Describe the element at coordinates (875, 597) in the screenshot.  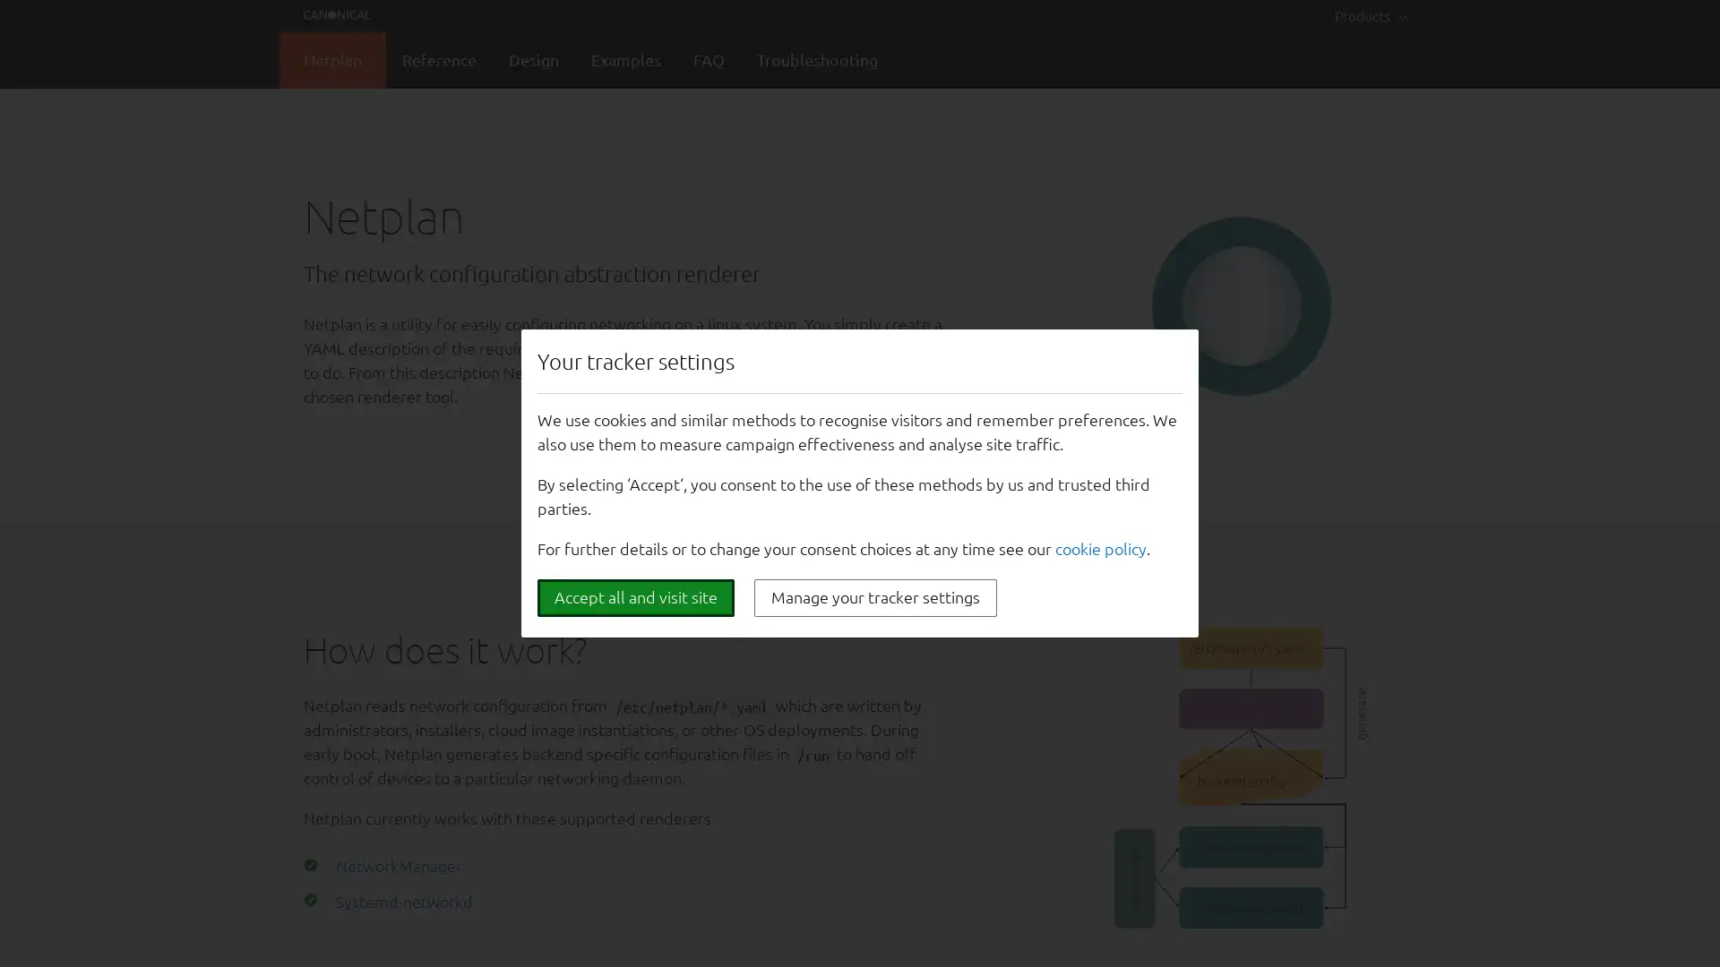
I see `Manage your tracker settings` at that location.